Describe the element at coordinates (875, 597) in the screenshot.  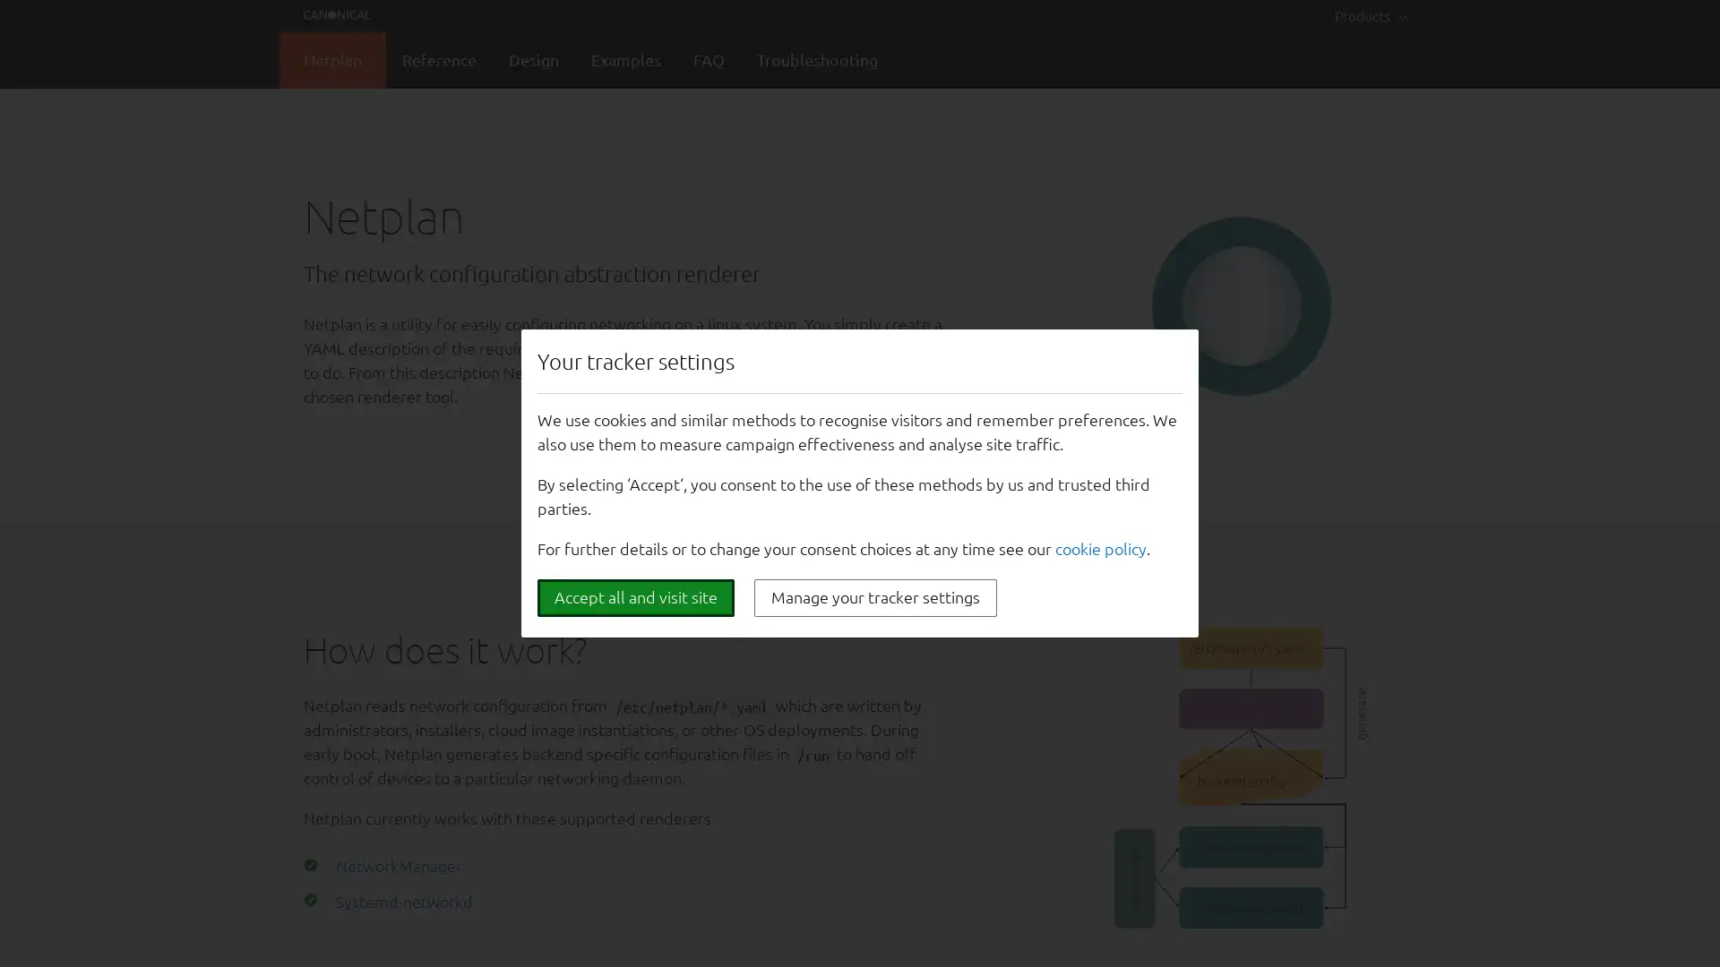
I see `Manage your tracker settings` at that location.